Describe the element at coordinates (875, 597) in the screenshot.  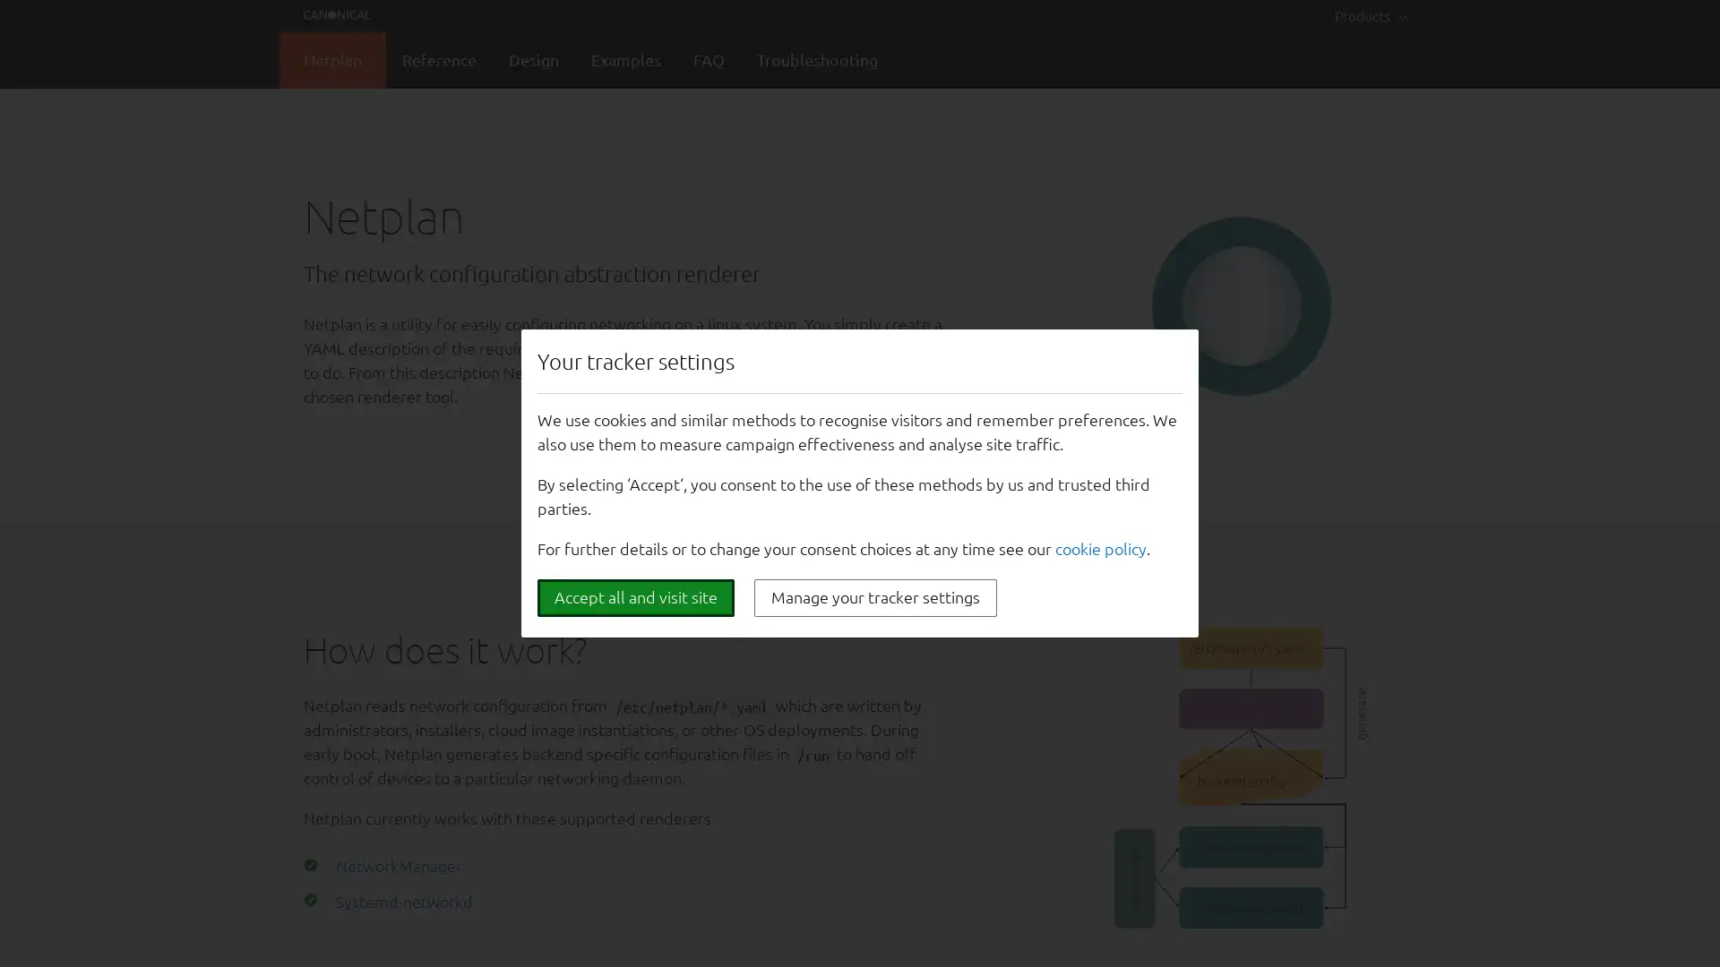
I see `Manage your tracker settings` at that location.